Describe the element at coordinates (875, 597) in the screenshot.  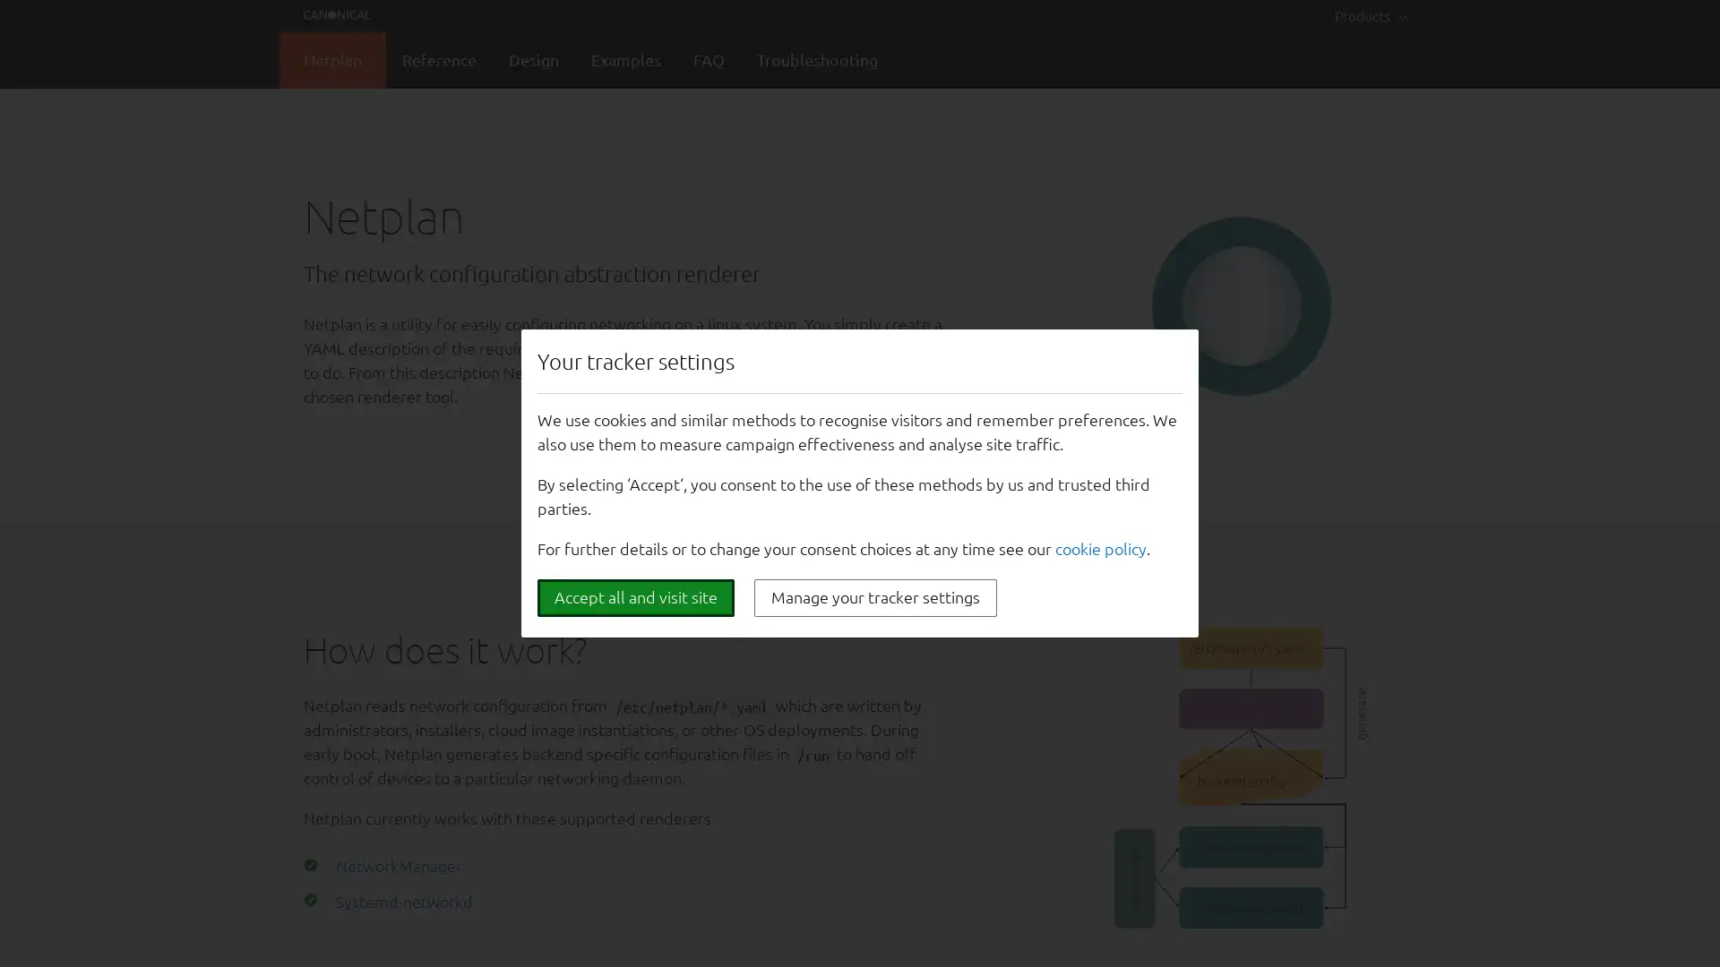
I see `Manage your tracker settings` at that location.